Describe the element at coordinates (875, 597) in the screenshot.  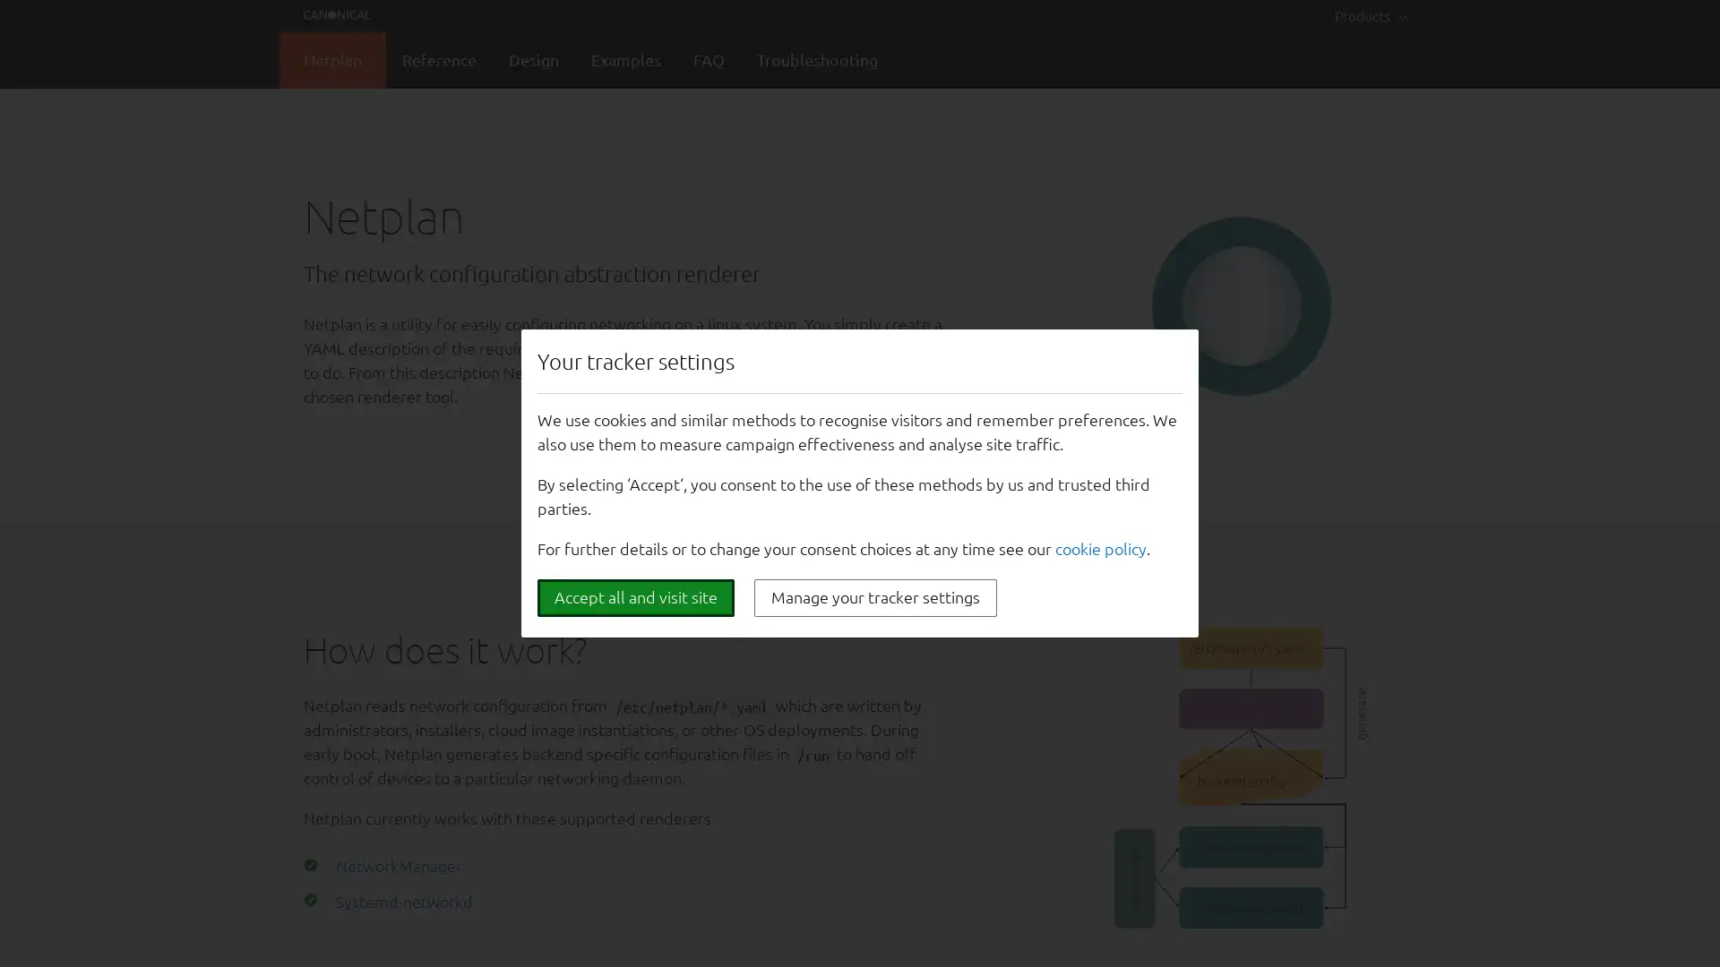
I see `Manage your tracker settings` at that location.